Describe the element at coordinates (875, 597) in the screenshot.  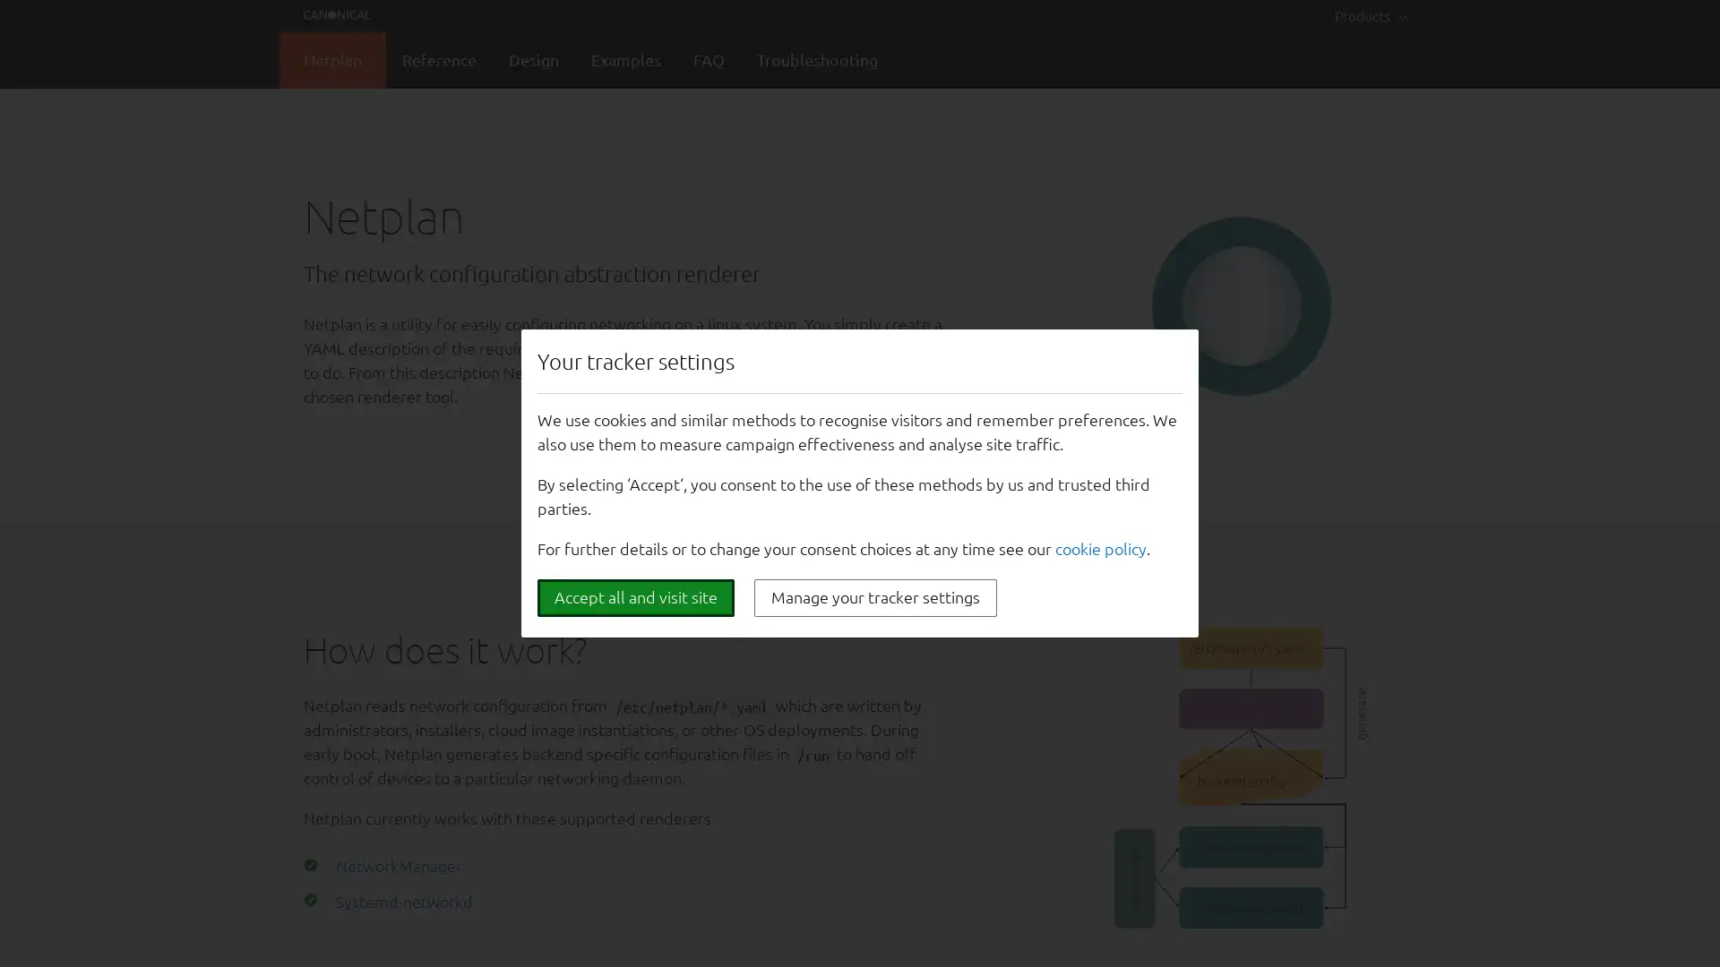
I see `Manage your tracker settings` at that location.